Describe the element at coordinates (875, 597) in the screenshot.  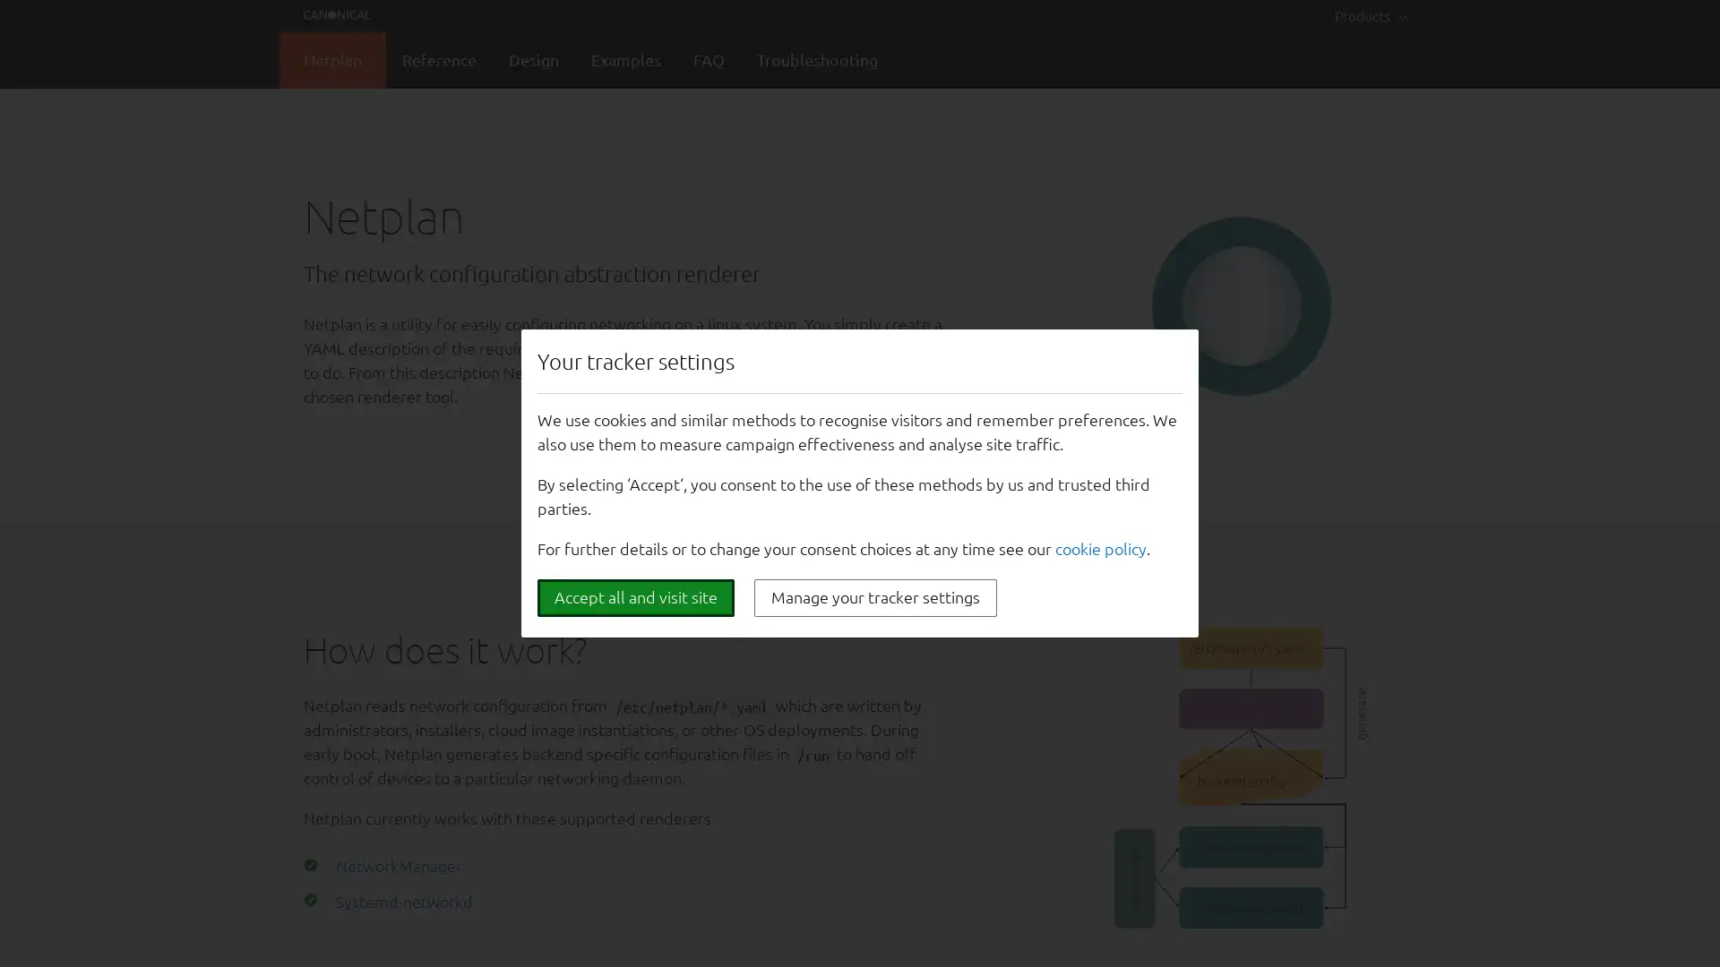
I see `Manage your tracker settings` at that location.